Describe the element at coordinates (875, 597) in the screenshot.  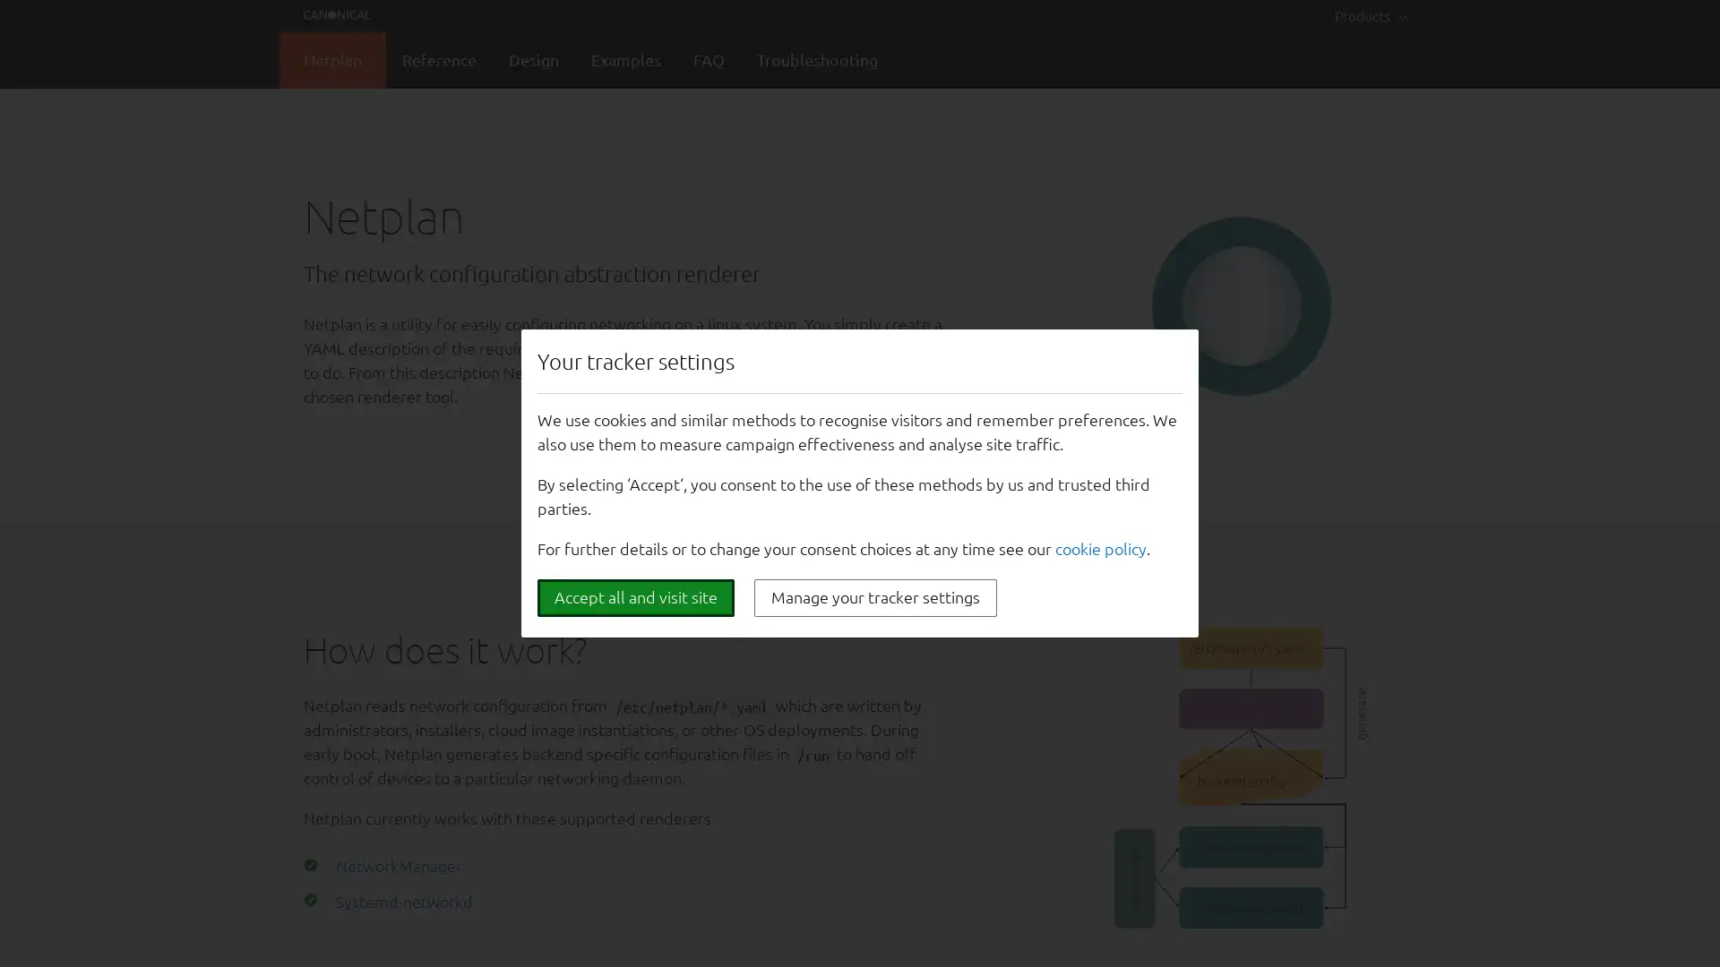
I see `Manage your tracker settings` at that location.